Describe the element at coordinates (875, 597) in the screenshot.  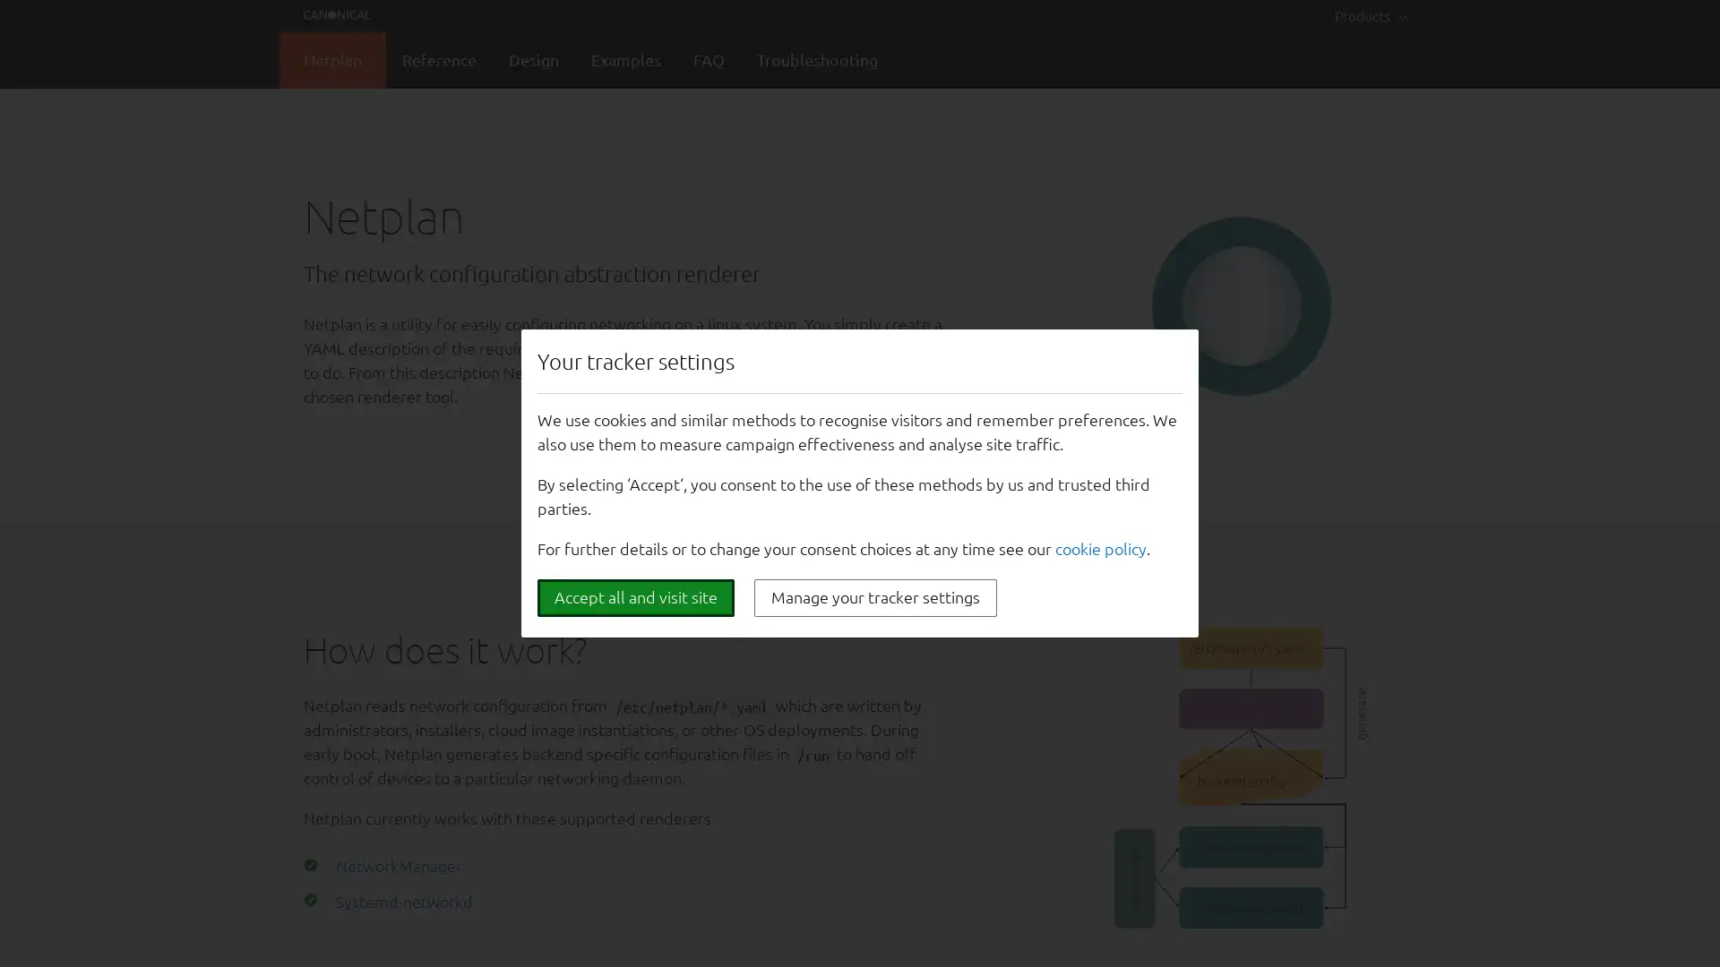
I see `Manage your tracker settings` at that location.